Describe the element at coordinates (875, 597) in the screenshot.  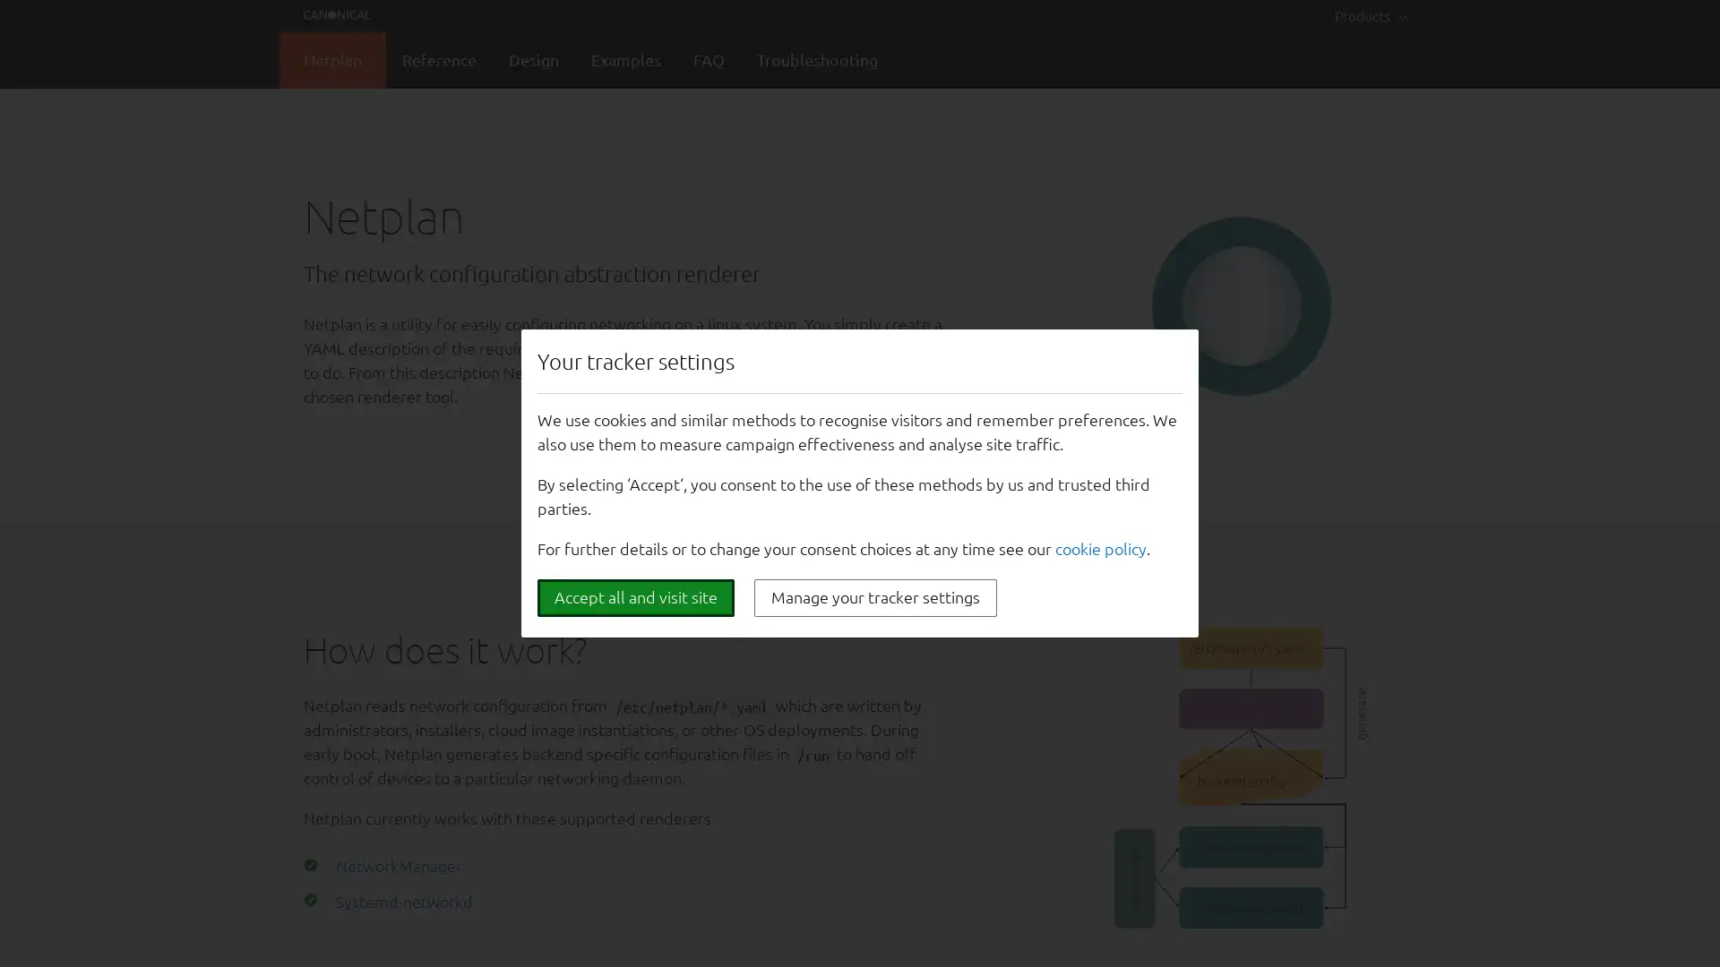
I see `Manage your tracker settings` at that location.